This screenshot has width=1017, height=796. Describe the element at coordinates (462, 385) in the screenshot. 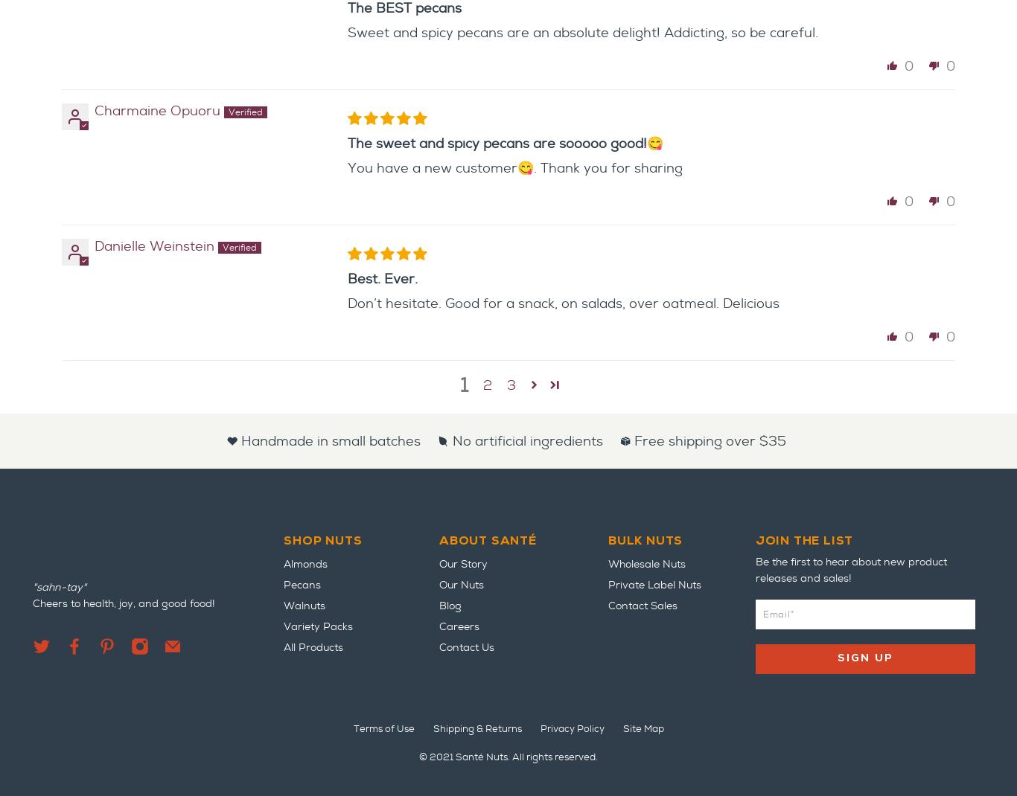

I see `'1'` at that location.